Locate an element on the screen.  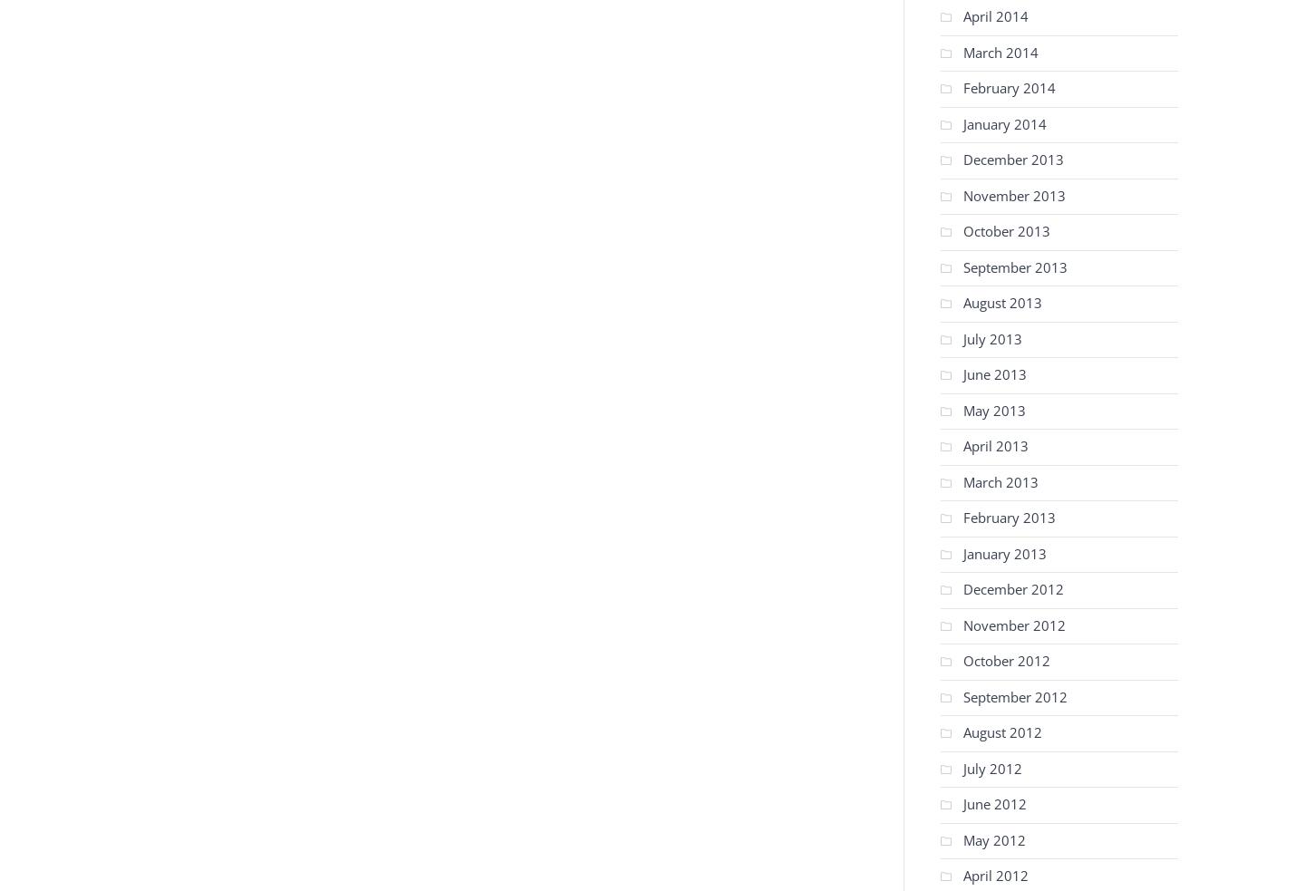
'July 2013' is located at coordinates (991, 337).